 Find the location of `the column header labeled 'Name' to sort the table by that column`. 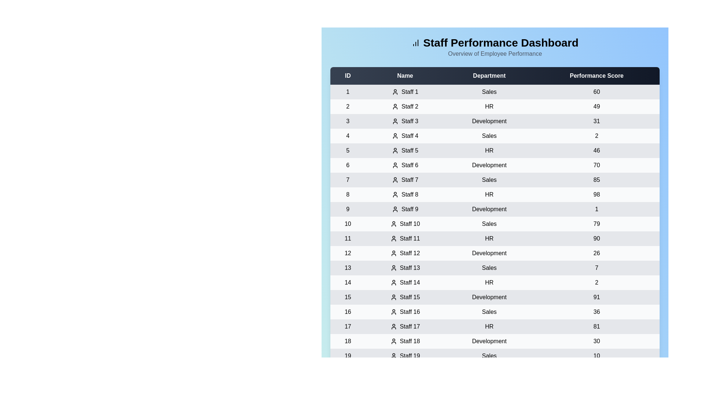

the column header labeled 'Name' to sort the table by that column is located at coordinates (404, 76).